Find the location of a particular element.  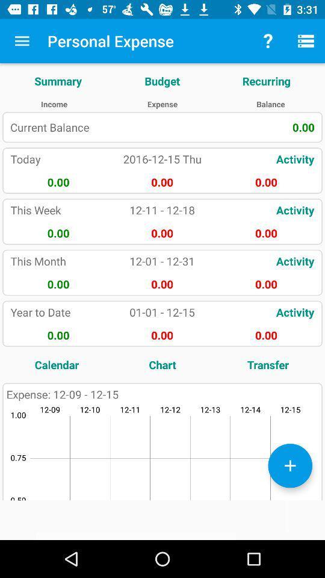

item above the summary is located at coordinates (22, 41).